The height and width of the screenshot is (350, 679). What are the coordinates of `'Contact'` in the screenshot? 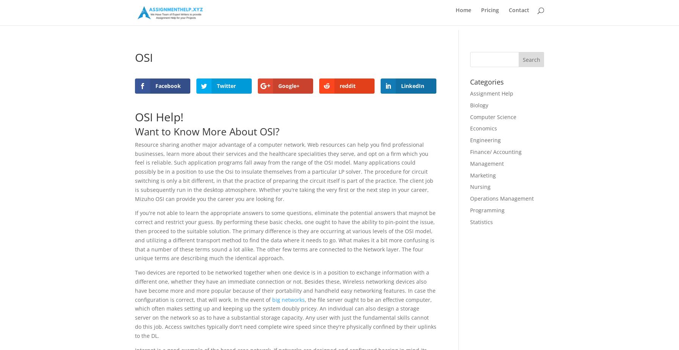 It's located at (518, 15).